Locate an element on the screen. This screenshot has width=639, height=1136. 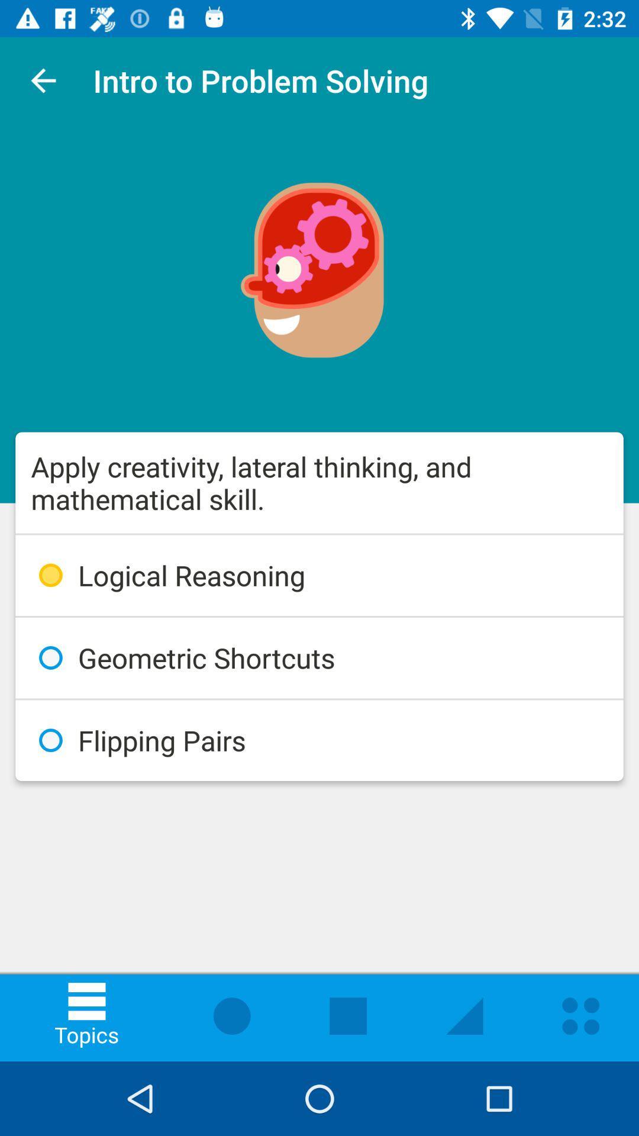
the geometric shortcuts icon is located at coordinates (319, 657).